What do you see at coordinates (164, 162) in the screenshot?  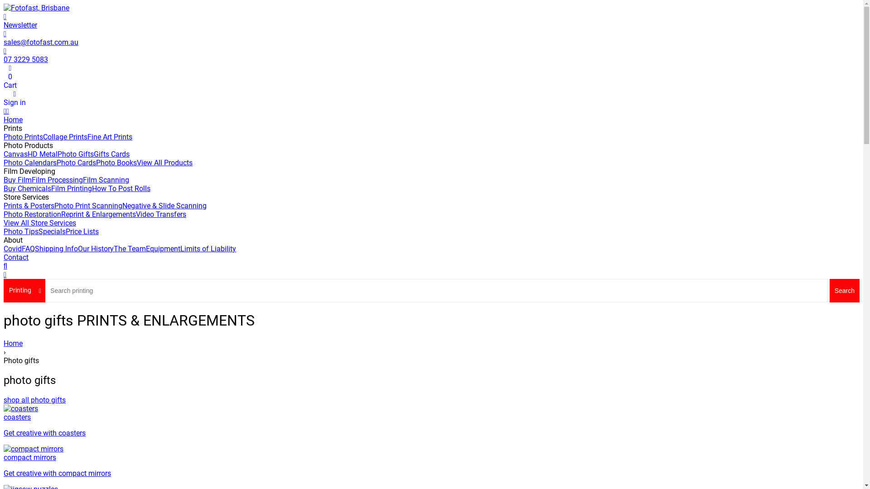 I see `'View All Products'` at bounding box center [164, 162].